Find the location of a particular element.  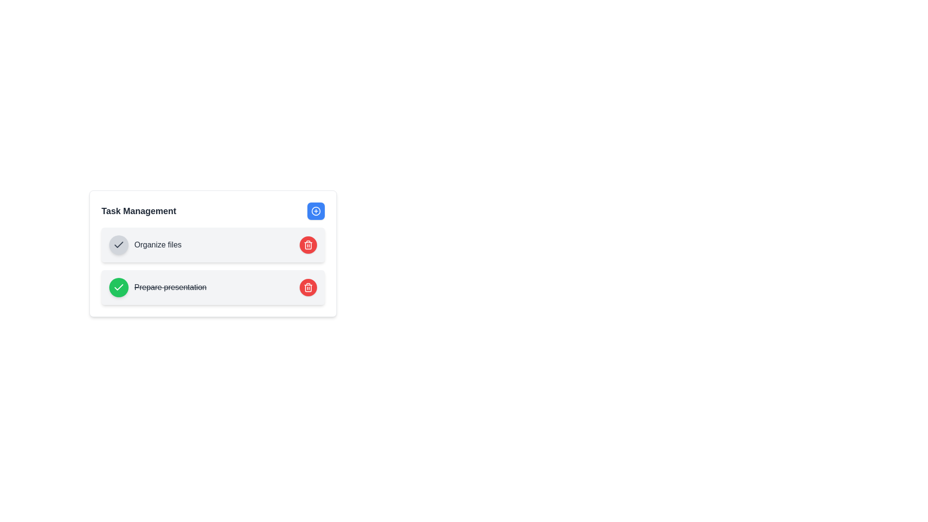

the checkmark icon indicating task completion located to the left of the text 'Prepare presentation' in the second task item under the 'Task Management' header is located at coordinates (118, 244).